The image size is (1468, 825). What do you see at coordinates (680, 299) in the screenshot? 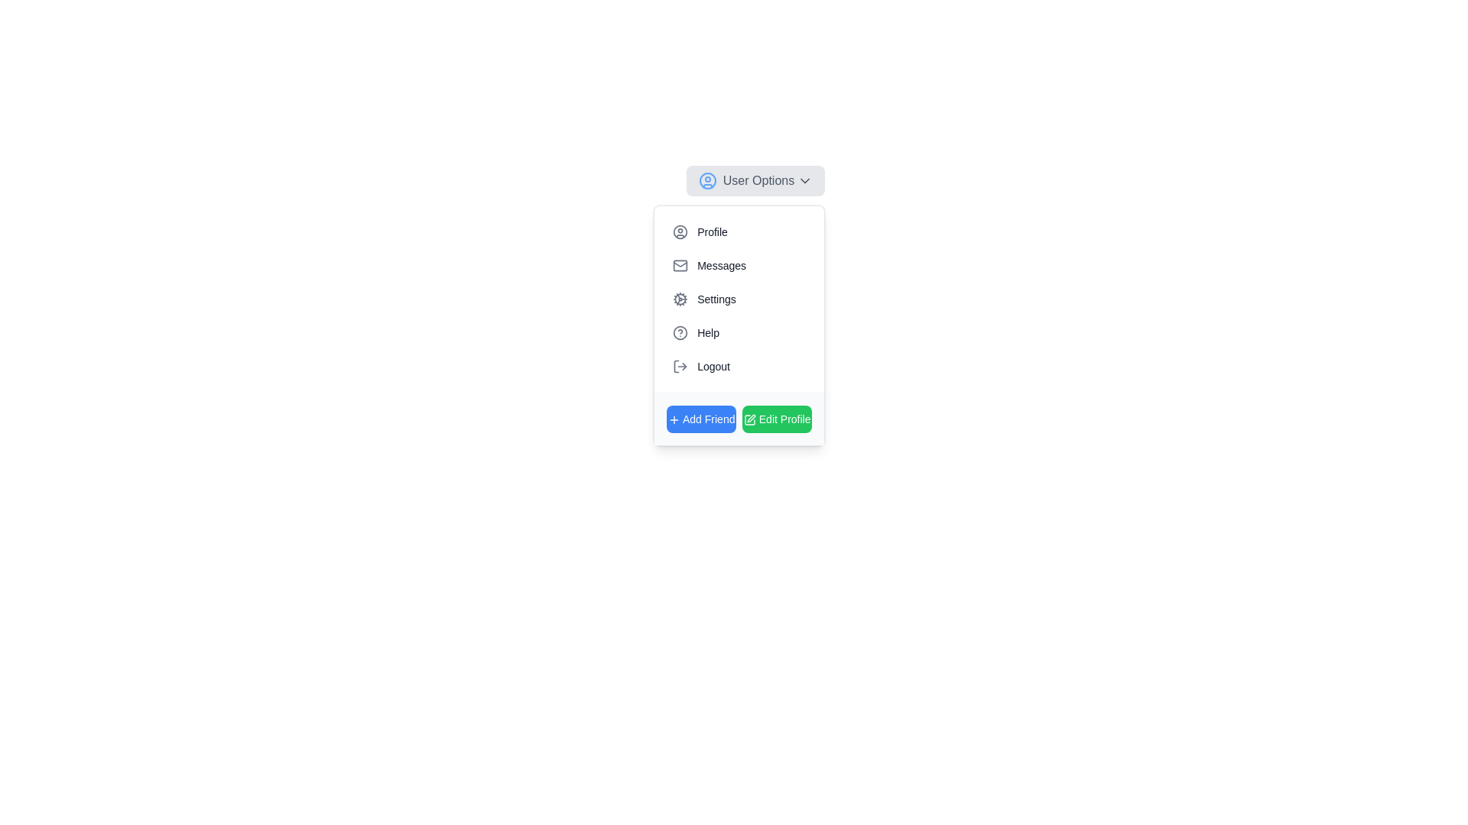
I see `the cogwheel icon in the third row of the dropdown menu under 'User Options', which represents settings or configuration options` at bounding box center [680, 299].